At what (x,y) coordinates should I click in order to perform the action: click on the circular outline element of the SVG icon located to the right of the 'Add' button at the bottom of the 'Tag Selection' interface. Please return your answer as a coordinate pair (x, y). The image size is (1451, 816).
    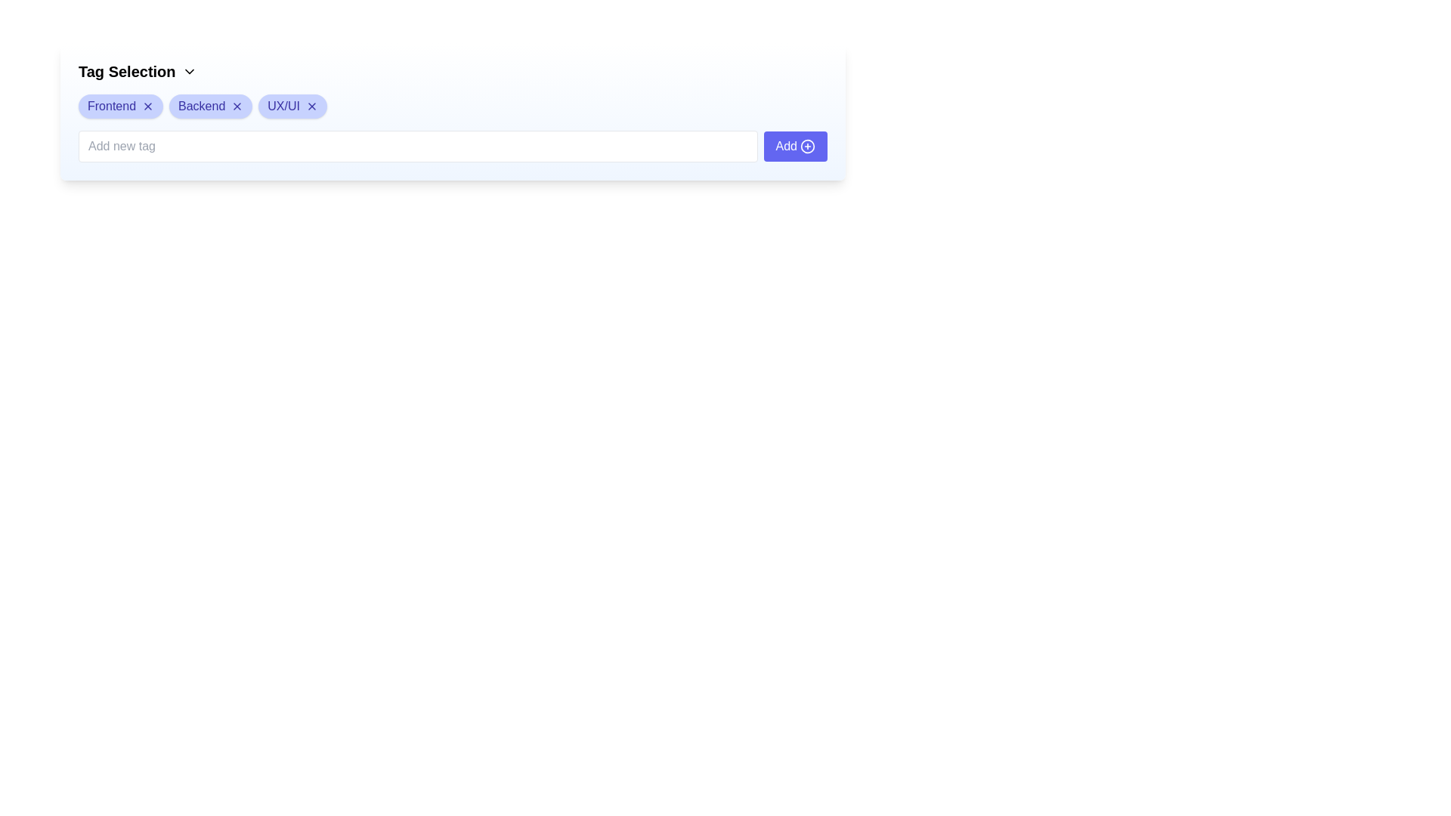
    Looking at the image, I should click on (807, 146).